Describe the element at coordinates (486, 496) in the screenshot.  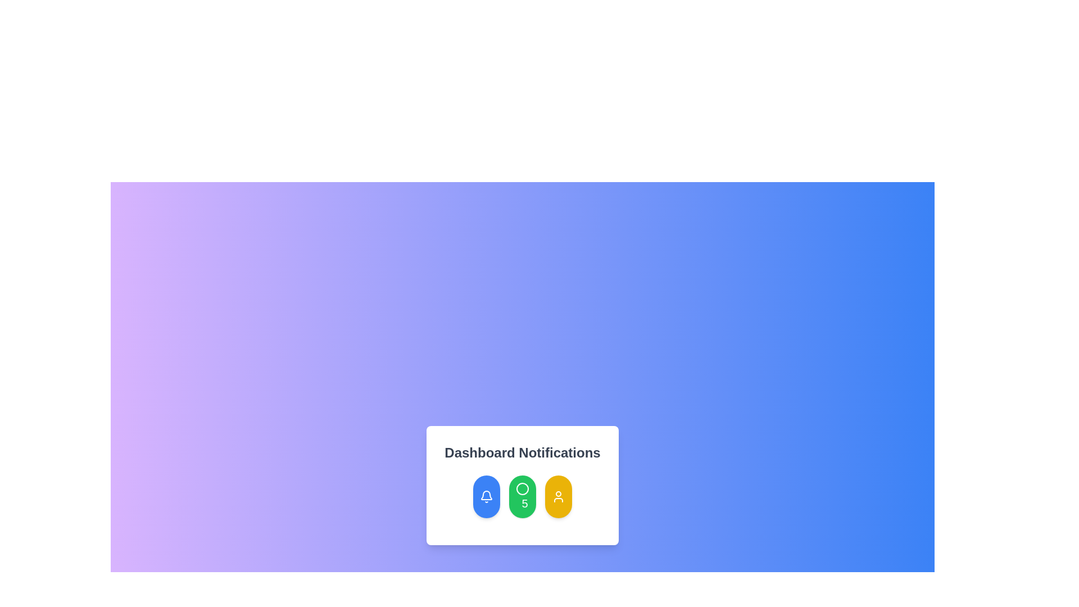
I see `the notification bell icon located in the first button of a horizontal row of three buttons` at that location.